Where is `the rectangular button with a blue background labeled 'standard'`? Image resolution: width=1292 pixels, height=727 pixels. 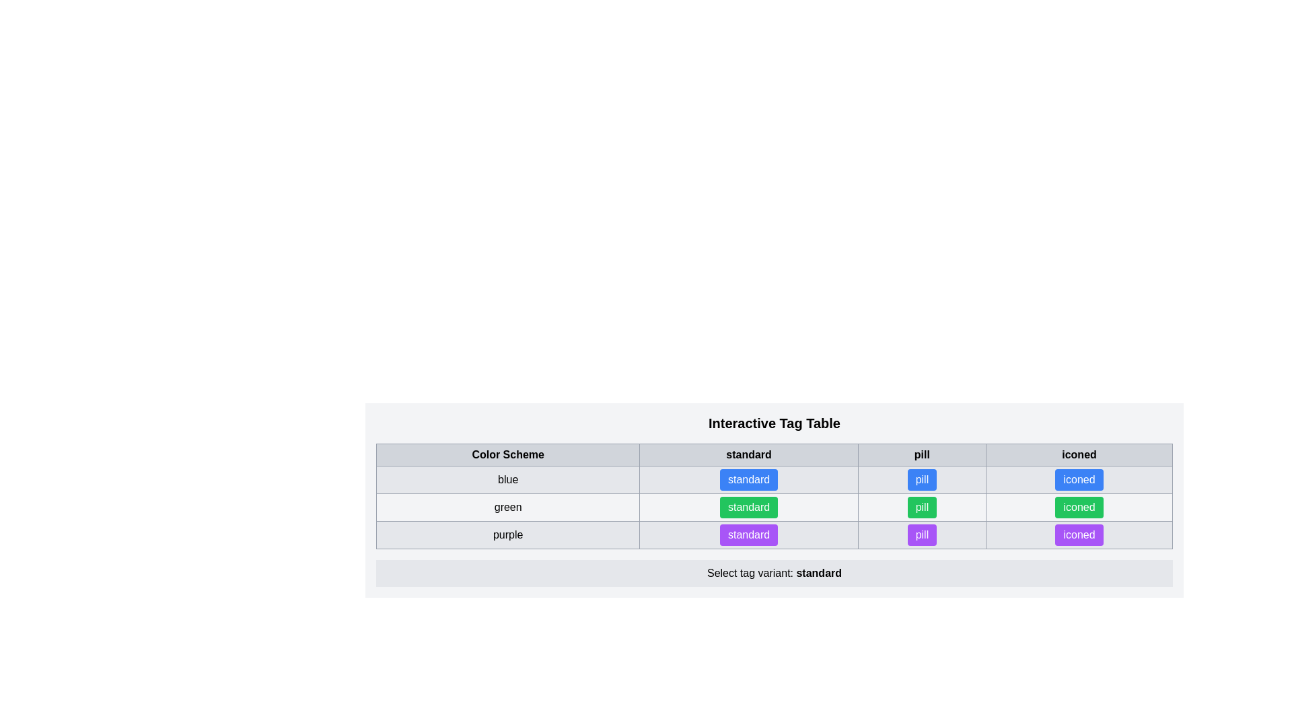
the rectangular button with a blue background labeled 'standard' is located at coordinates (748, 479).